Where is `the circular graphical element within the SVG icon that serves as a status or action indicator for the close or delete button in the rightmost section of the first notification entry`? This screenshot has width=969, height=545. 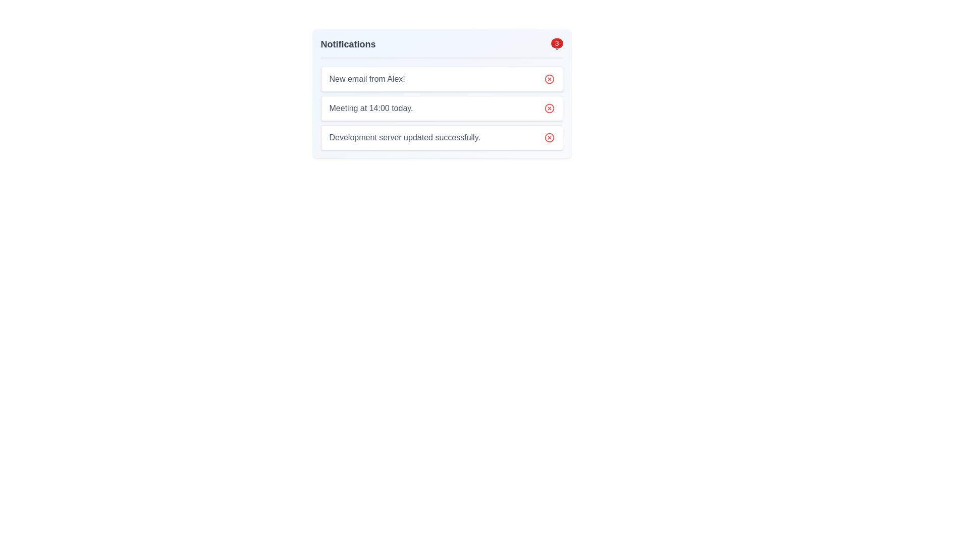 the circular graphical element within the SVG icon that serves as a status or action indicator for the close or delete button in the rightmost section of the first notification entry is located at coordinates (549, 79).